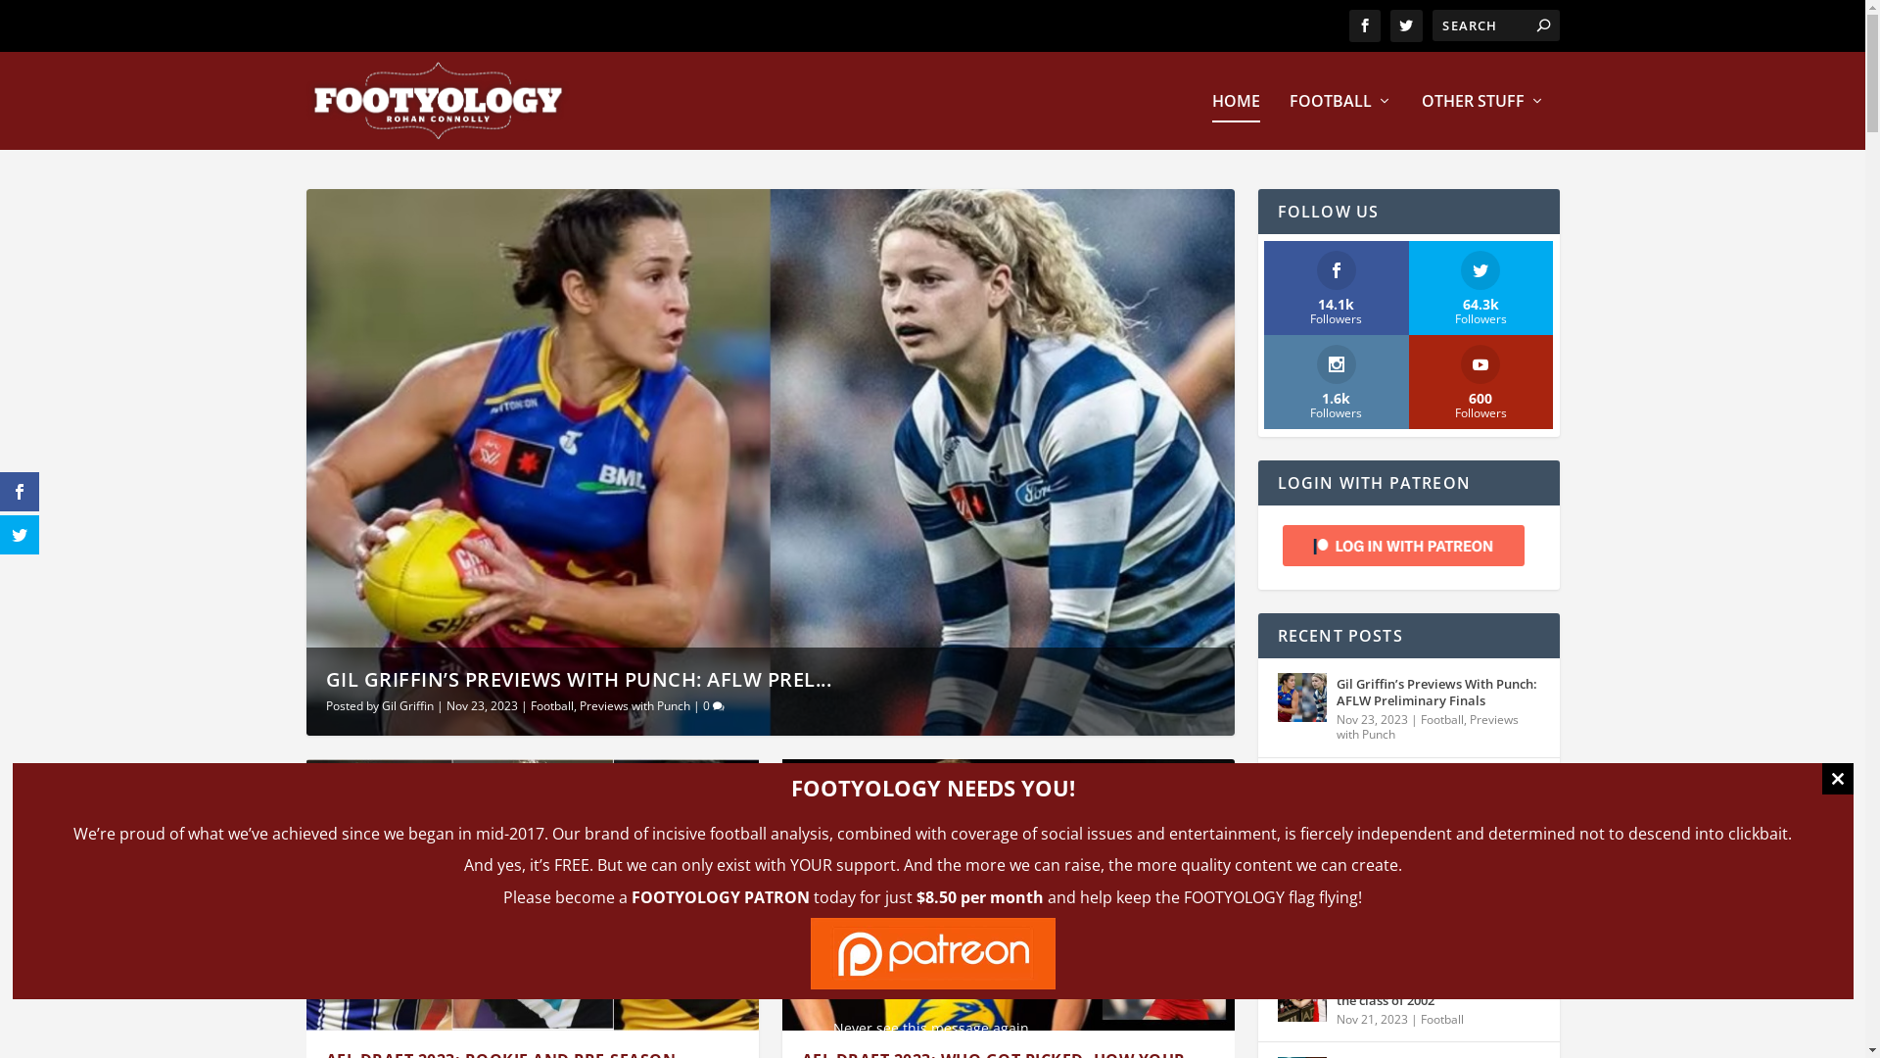 Image resolution: width=1880 pixels, height=1058 pixels. I want to click on 'HOME', so click(1235, 121).